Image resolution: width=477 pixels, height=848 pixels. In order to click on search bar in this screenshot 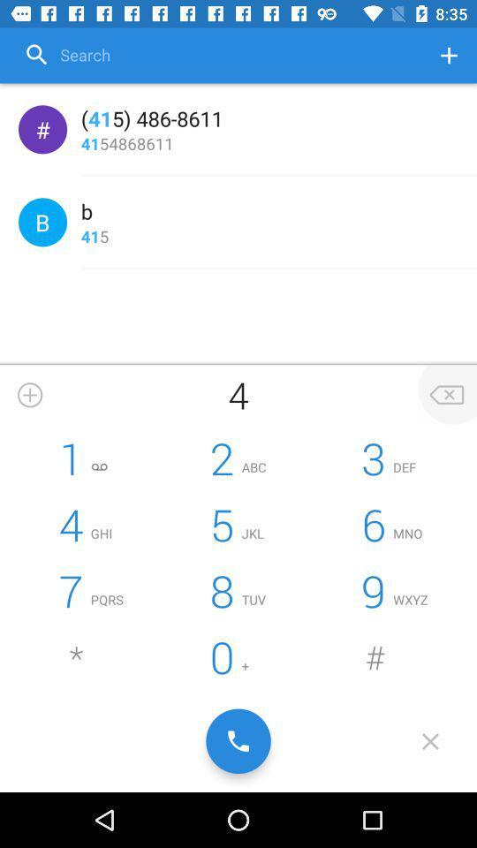, I will do `click(219, 55)`.